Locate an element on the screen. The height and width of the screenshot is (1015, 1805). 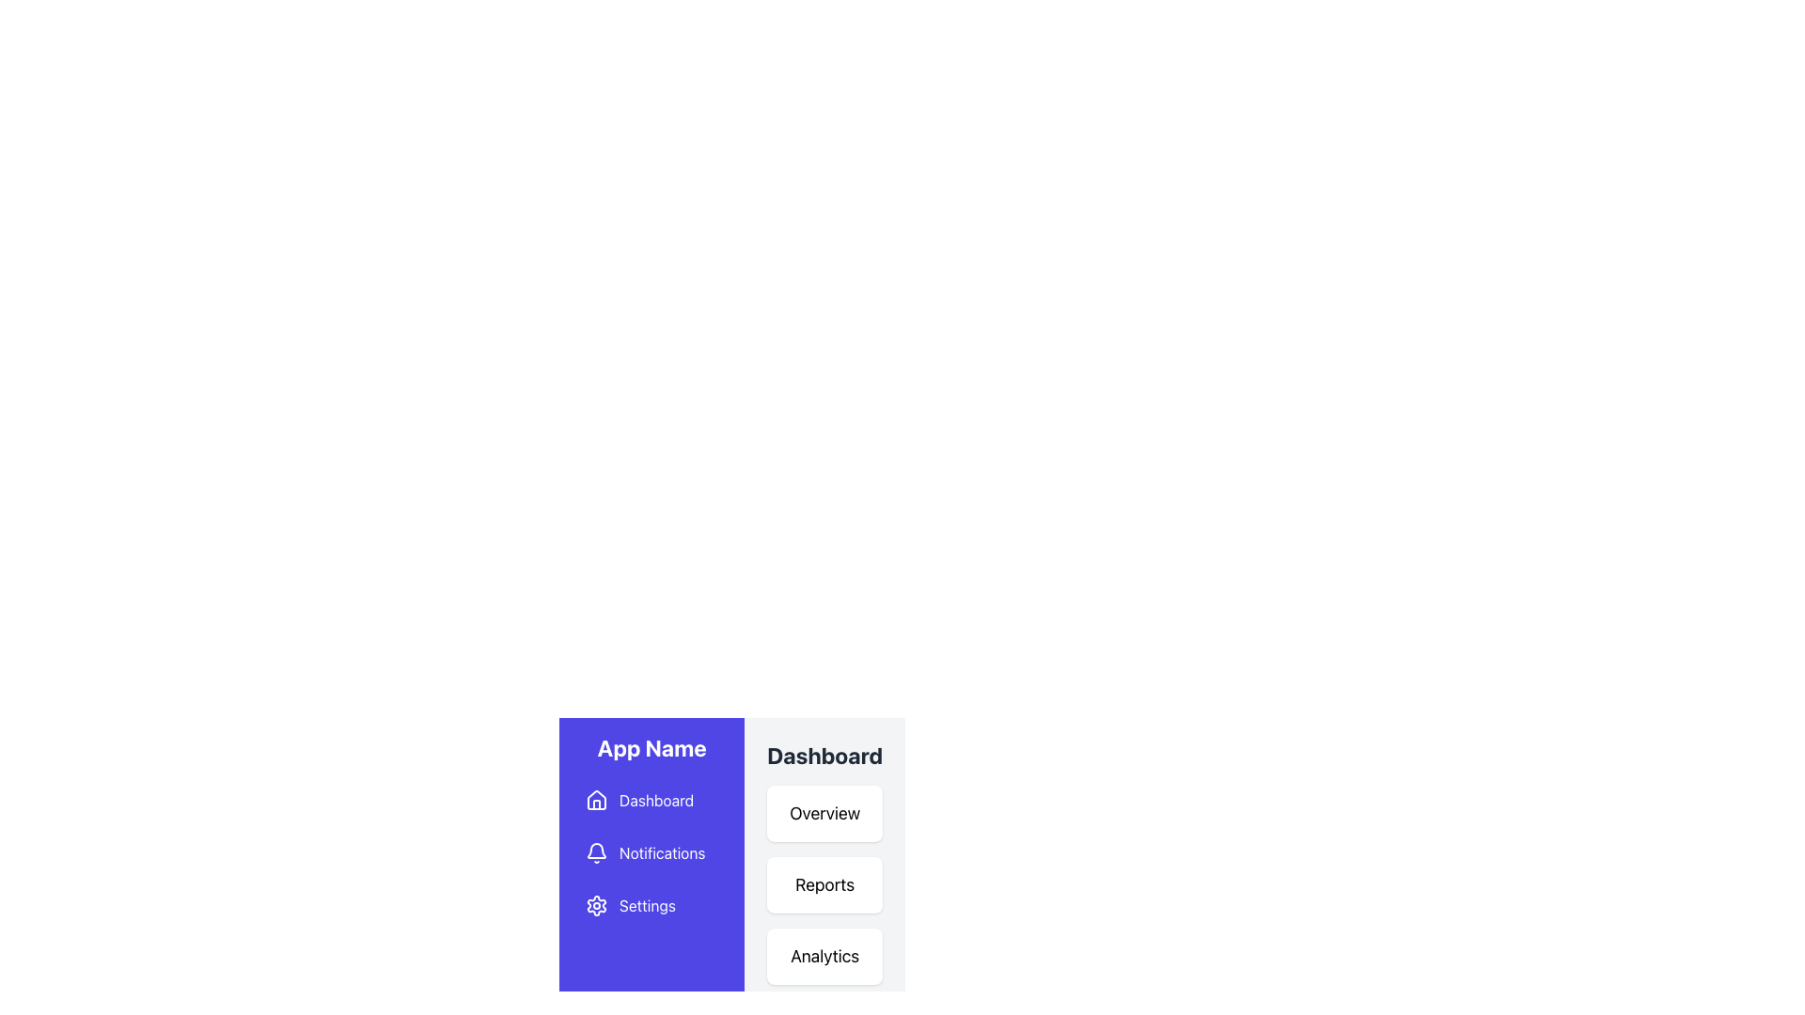
the 'Notifications' menu item, which is the second item in the vertical navigation menu is located at coordinates (651, 852).